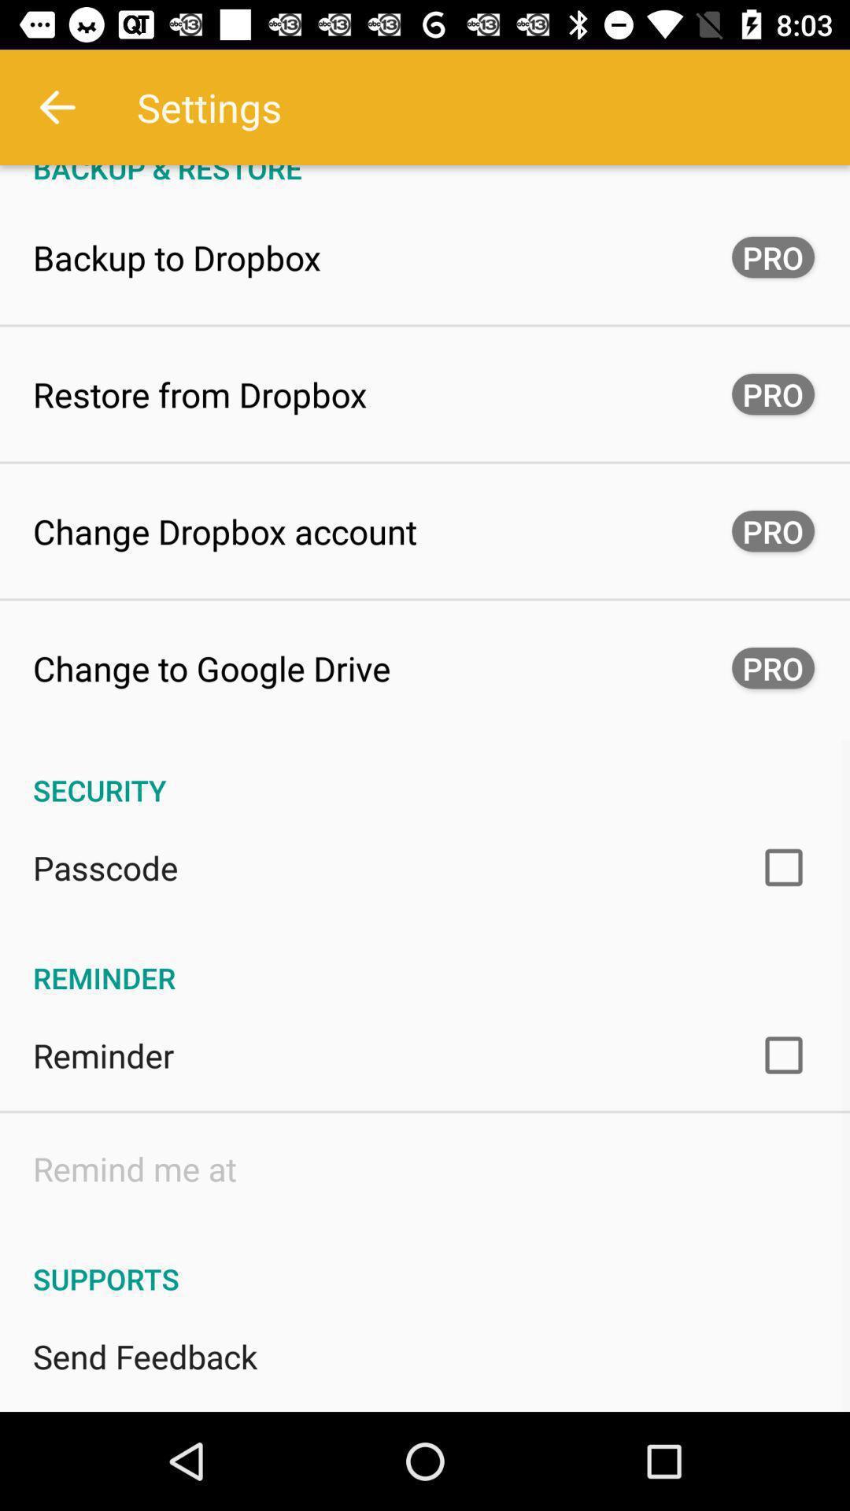 Image resolution: width=850 pixels, height=1511 pixels. I want to click on remind me at icon, so click(134, 1168).